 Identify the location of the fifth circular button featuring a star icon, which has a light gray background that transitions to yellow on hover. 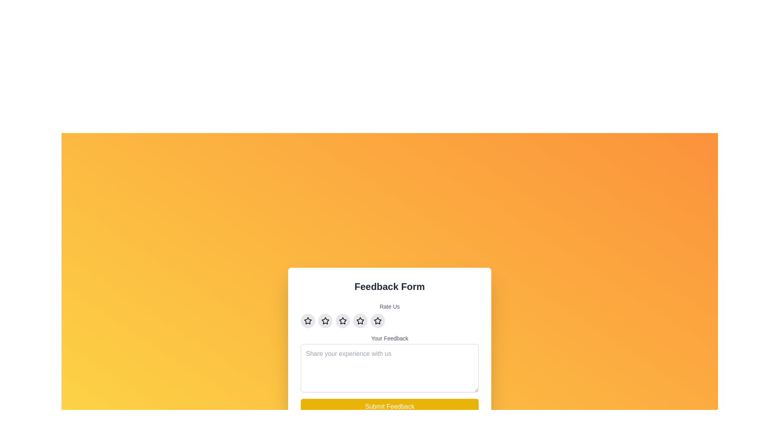
(377, 320).